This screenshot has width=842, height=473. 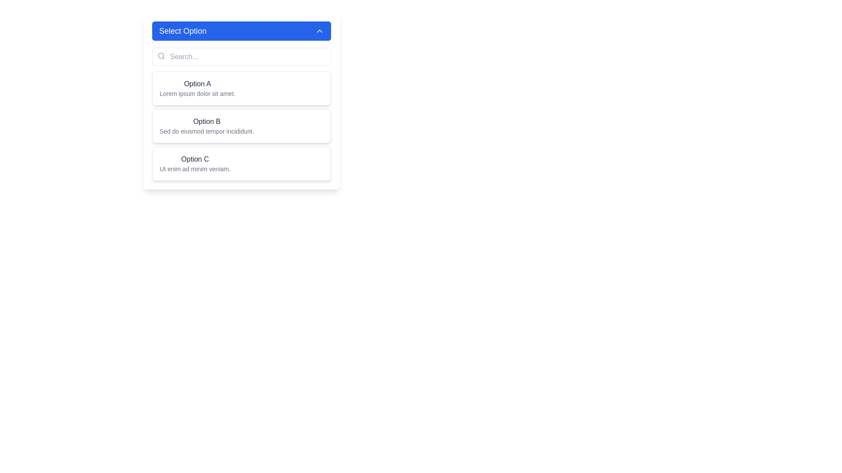 What do you see at coordinates (206, 126) in the screenshot?
I see `text label that contains the title 'Option B' and subtitle 'Sed do eiusmod tempor incididunt.' which is the second item in a vertically stacked list, positioned below 'Option A' and above 'Option C'` at bounding box center [206, 126].